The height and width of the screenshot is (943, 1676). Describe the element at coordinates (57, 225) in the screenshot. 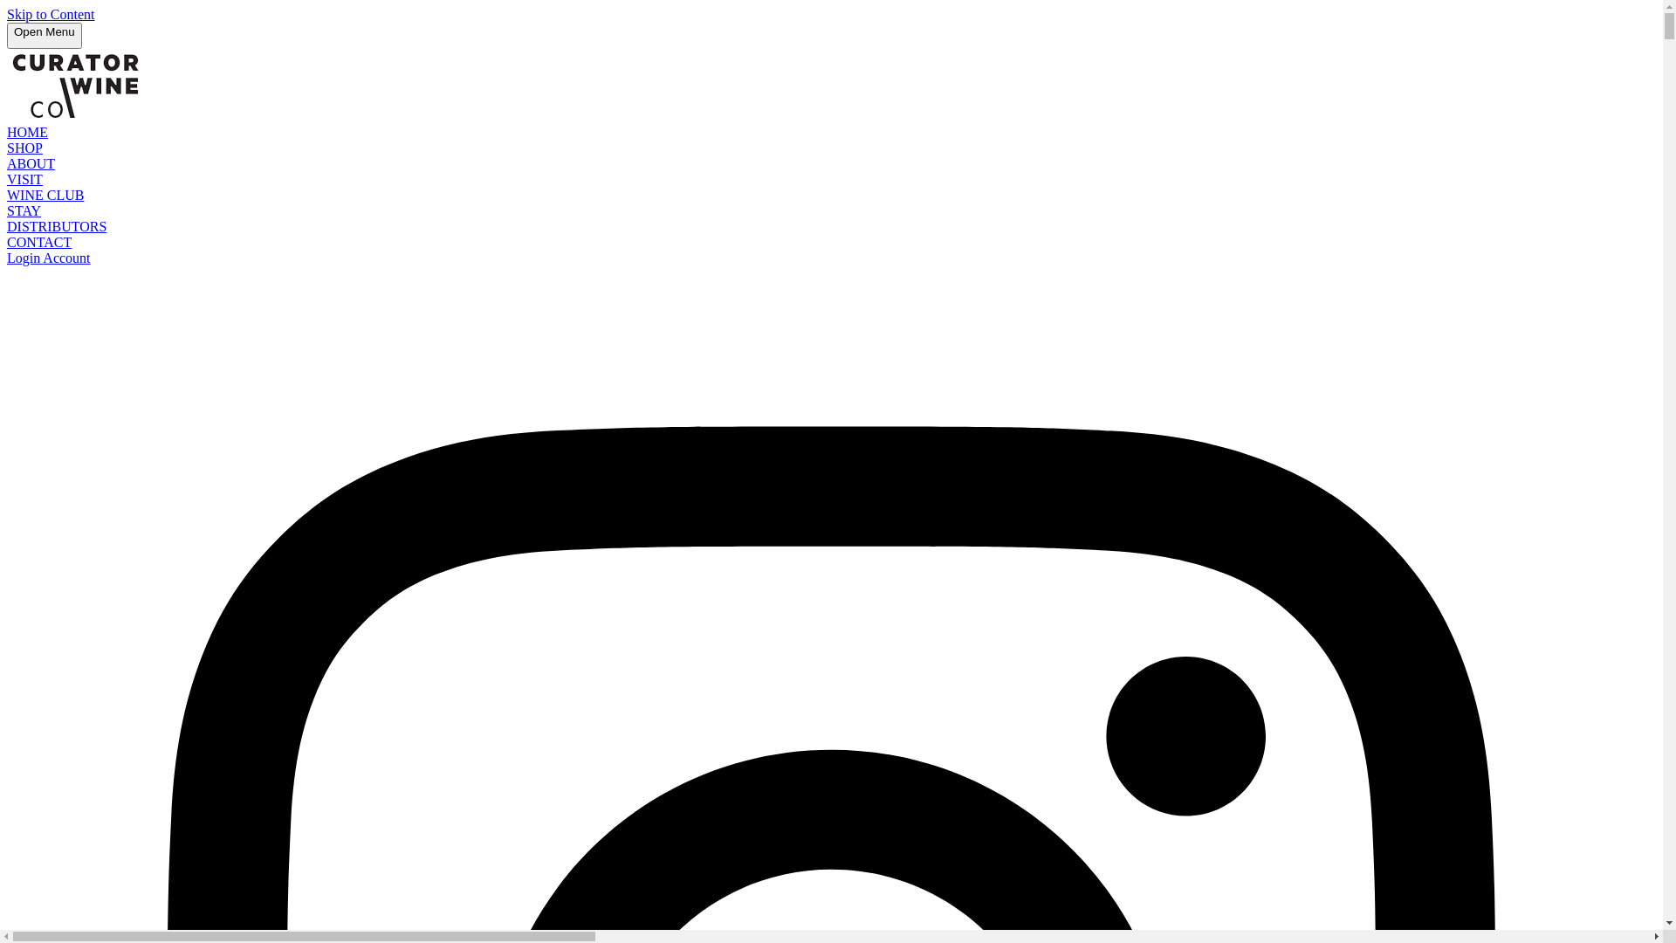

I see `'DISTRIBUTORS'` at that location.